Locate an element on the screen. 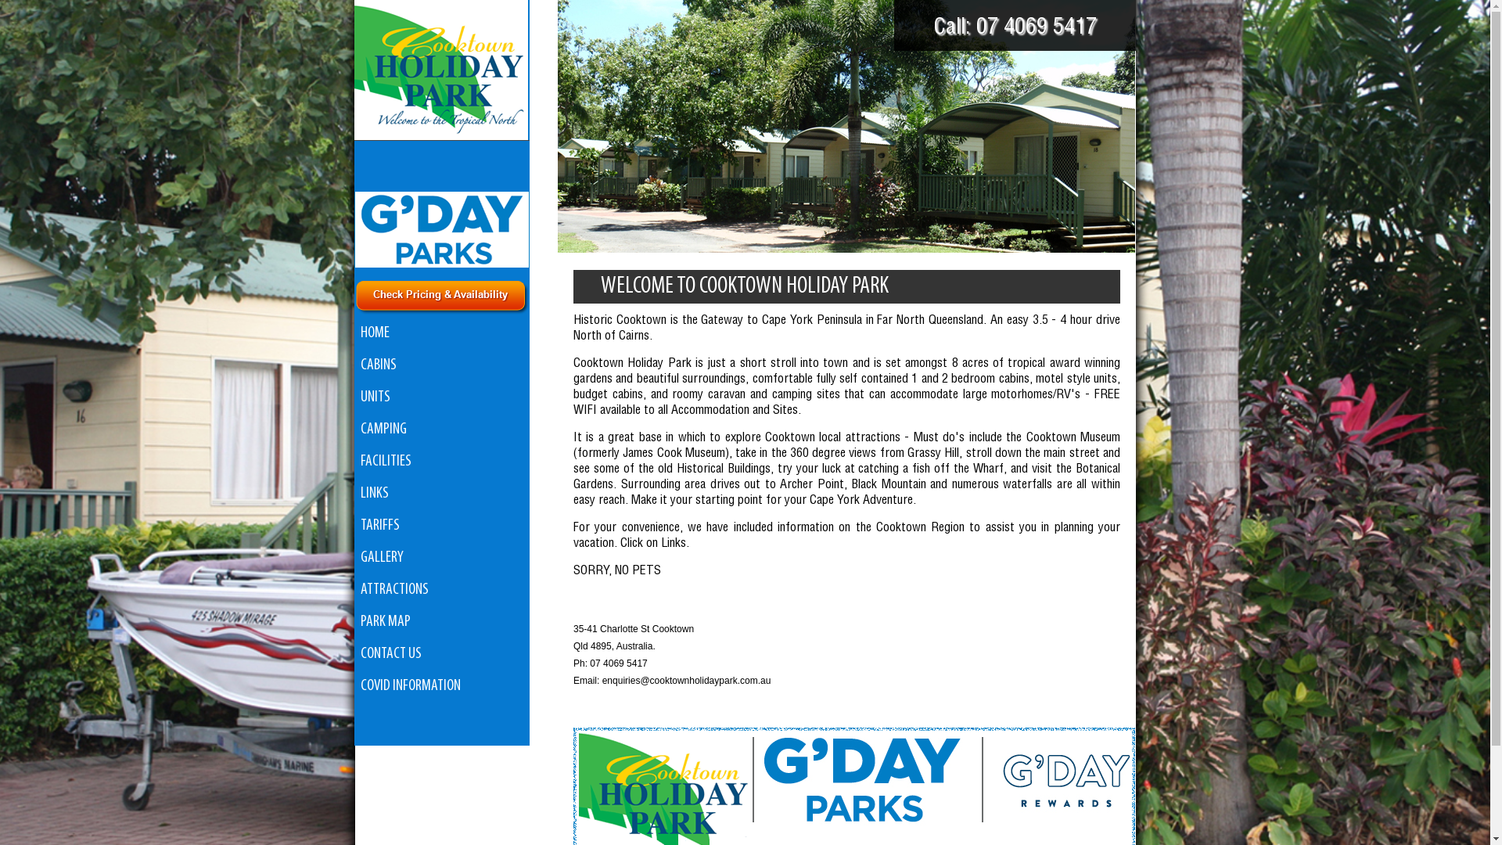  'enquiries@cooktownholidaypark.com.au' is located at coordinates (687, 680).